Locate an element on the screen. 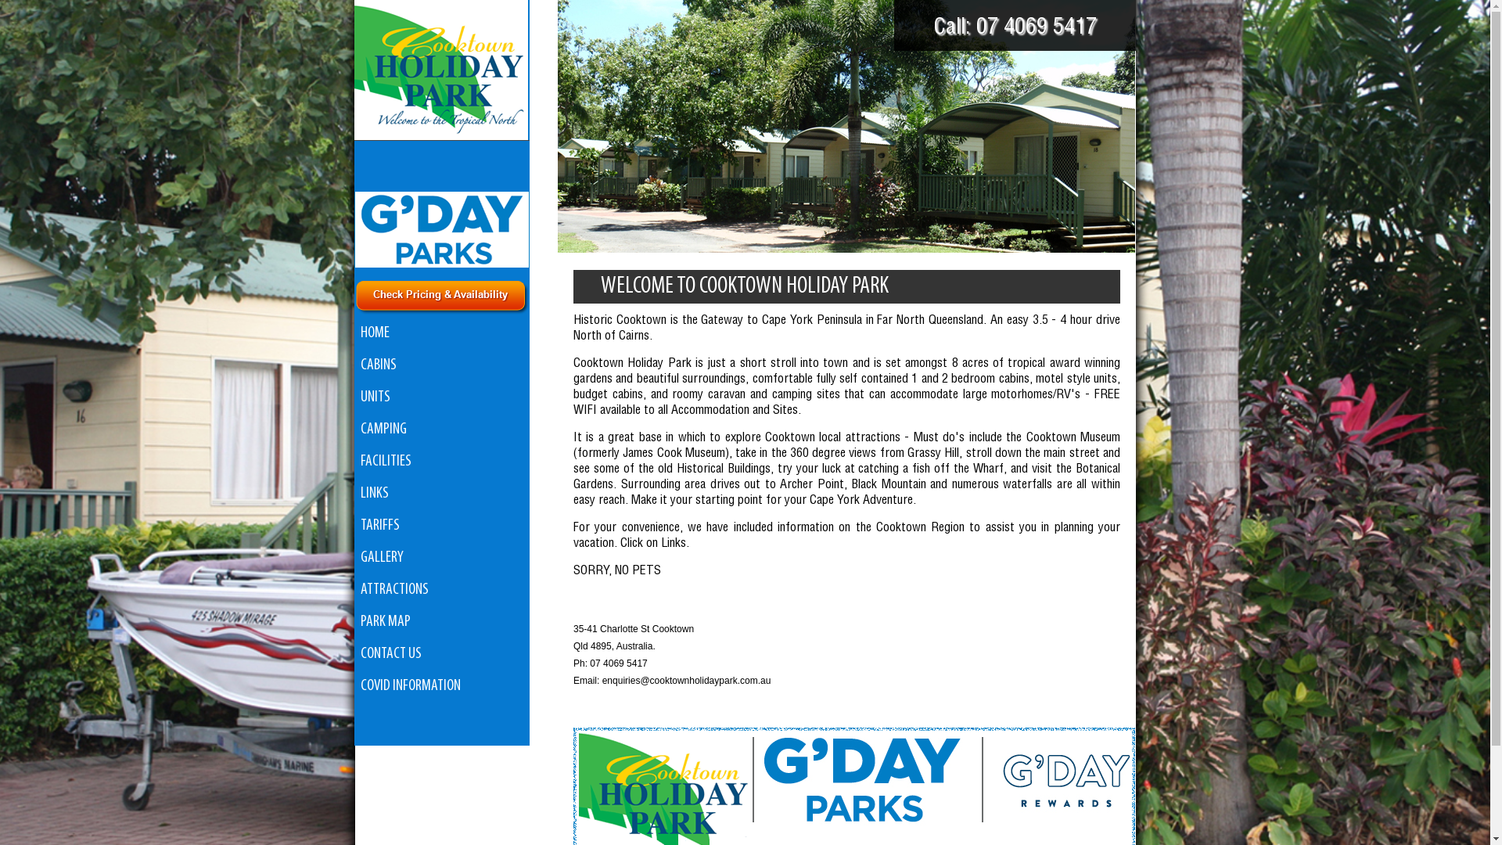  'enquiries@cooktownholidaypark.com.au' is located at coordinates (687, 680).